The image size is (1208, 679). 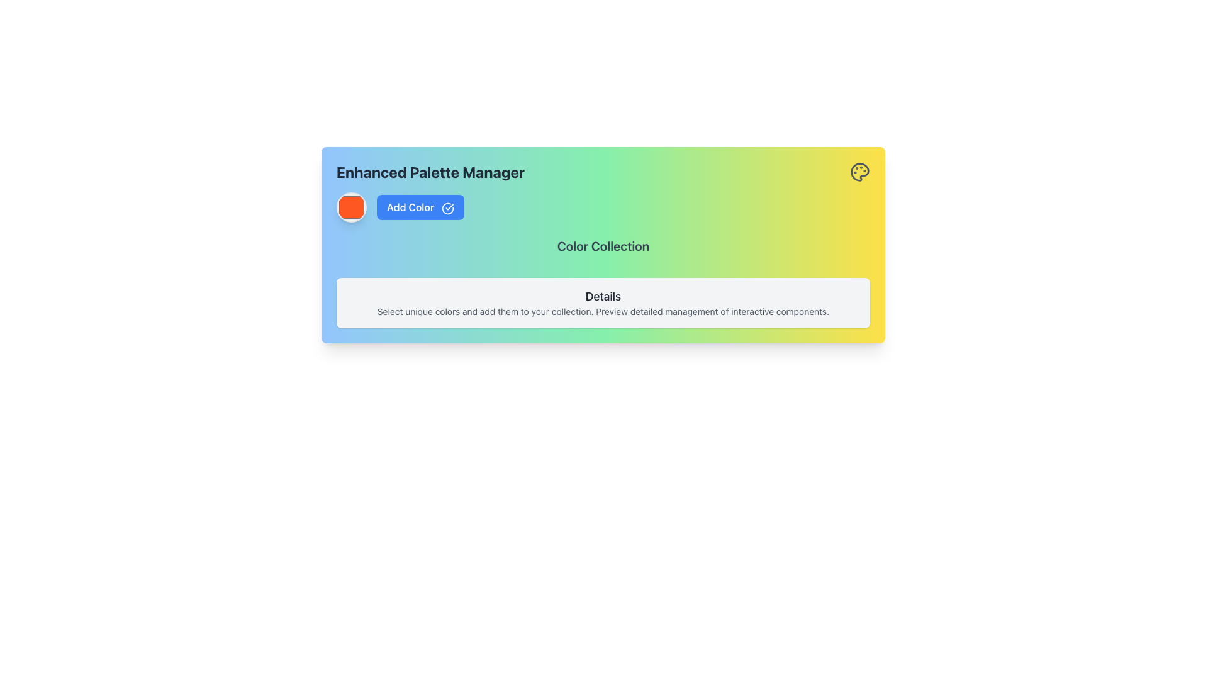 What do you see at coordinates (448, 207) in the screenshot?
I see `the decorative SVG icon indicating a successful or enabled state for the 'Add Color' button, located to the right of the text label within the button` at bounding box center [448, 207].